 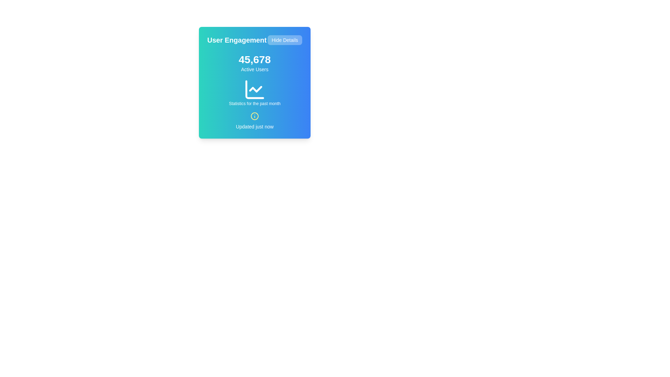 I want to click on the second button located to the right of the 'User Engagement' label in the top-right corner of the blue gradient panel, so click(x=285, y=40).